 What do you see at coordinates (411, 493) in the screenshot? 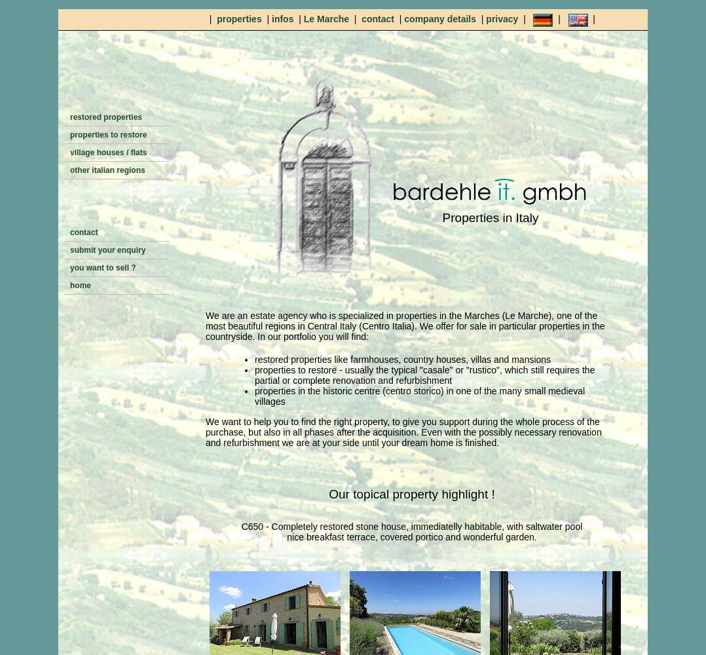
I see `'Our topical property highlight !'` at bounding box center [411, 493].